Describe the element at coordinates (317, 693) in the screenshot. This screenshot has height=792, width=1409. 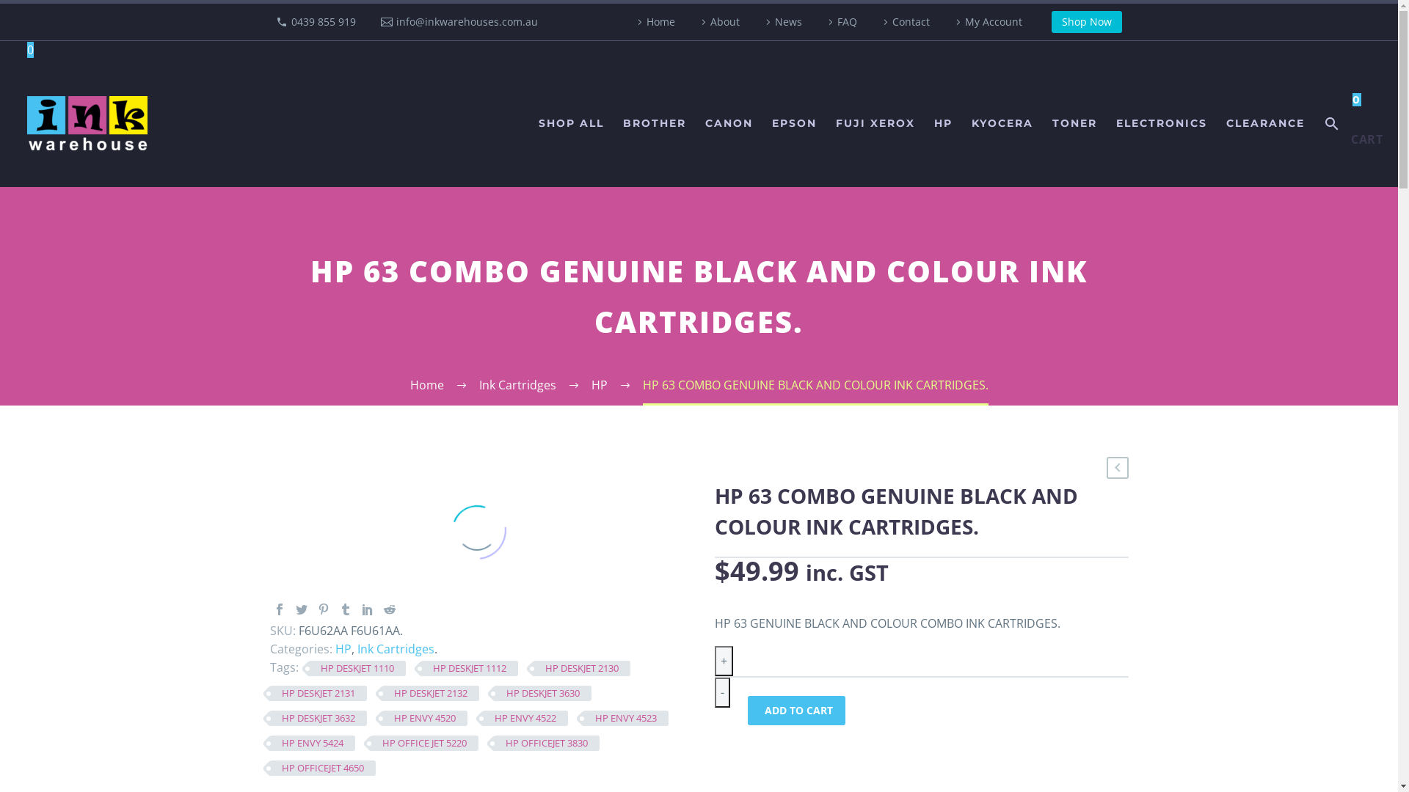
I see `'HP DESKJET 2131'` at that location.